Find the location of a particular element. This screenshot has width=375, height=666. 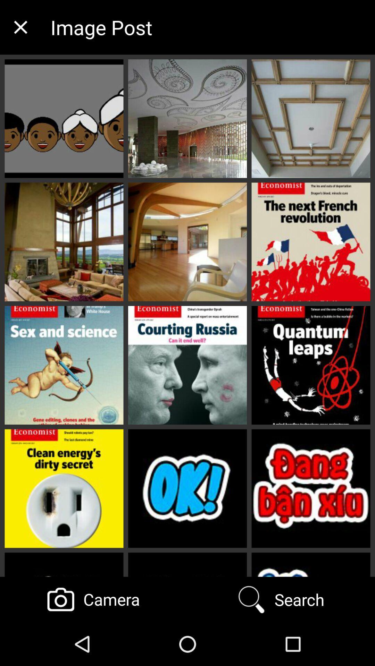

the close icon is located at coordinates (20, 27).